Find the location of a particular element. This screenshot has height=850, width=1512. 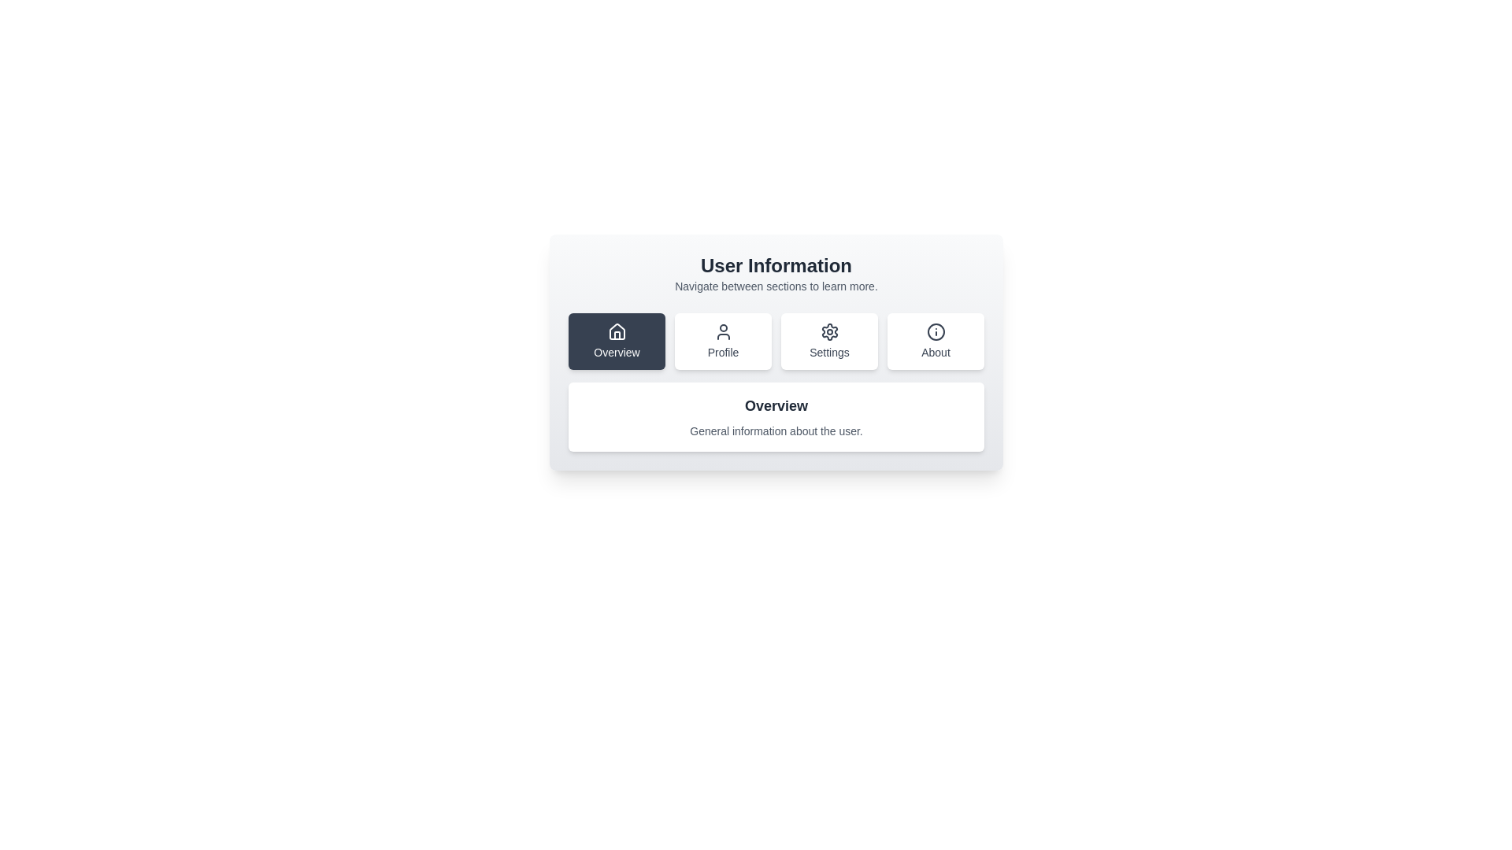

keyboard navigation is located at coordinates (616, 341).